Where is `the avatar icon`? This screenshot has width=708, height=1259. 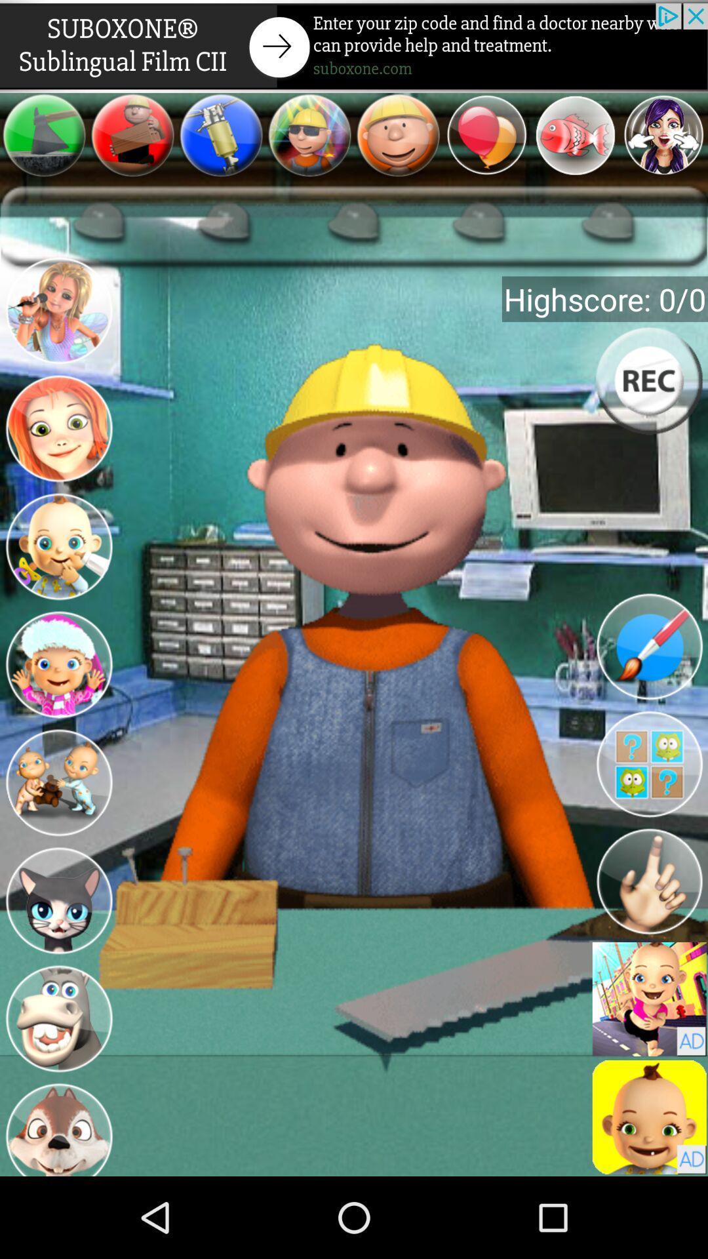
the avatar icon is located at coordinates (58, 837).